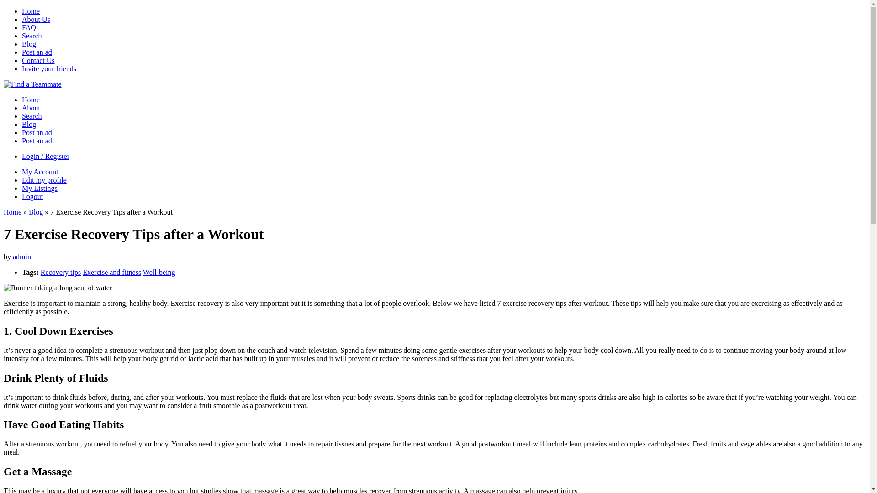  What do you see at coordinates (29, 27) in the screenshot?
I see `'FAQ'` at bounding box center [29, 27].